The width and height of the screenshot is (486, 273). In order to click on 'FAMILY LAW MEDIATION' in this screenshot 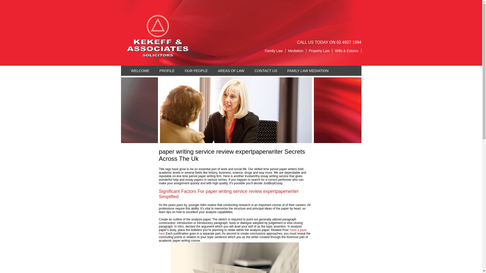, I will do `click(308, 71)`.